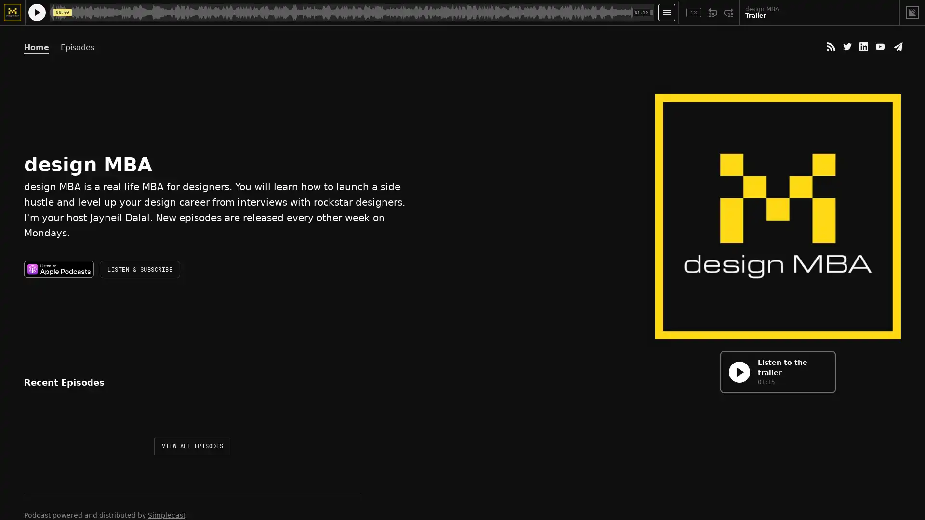 Image resolution: width=925 pixels, height=520 pixels. Describe the element at coordinates (728, 13) in the screenshot. I see `Fast Forward 15 Seconds` at that location.